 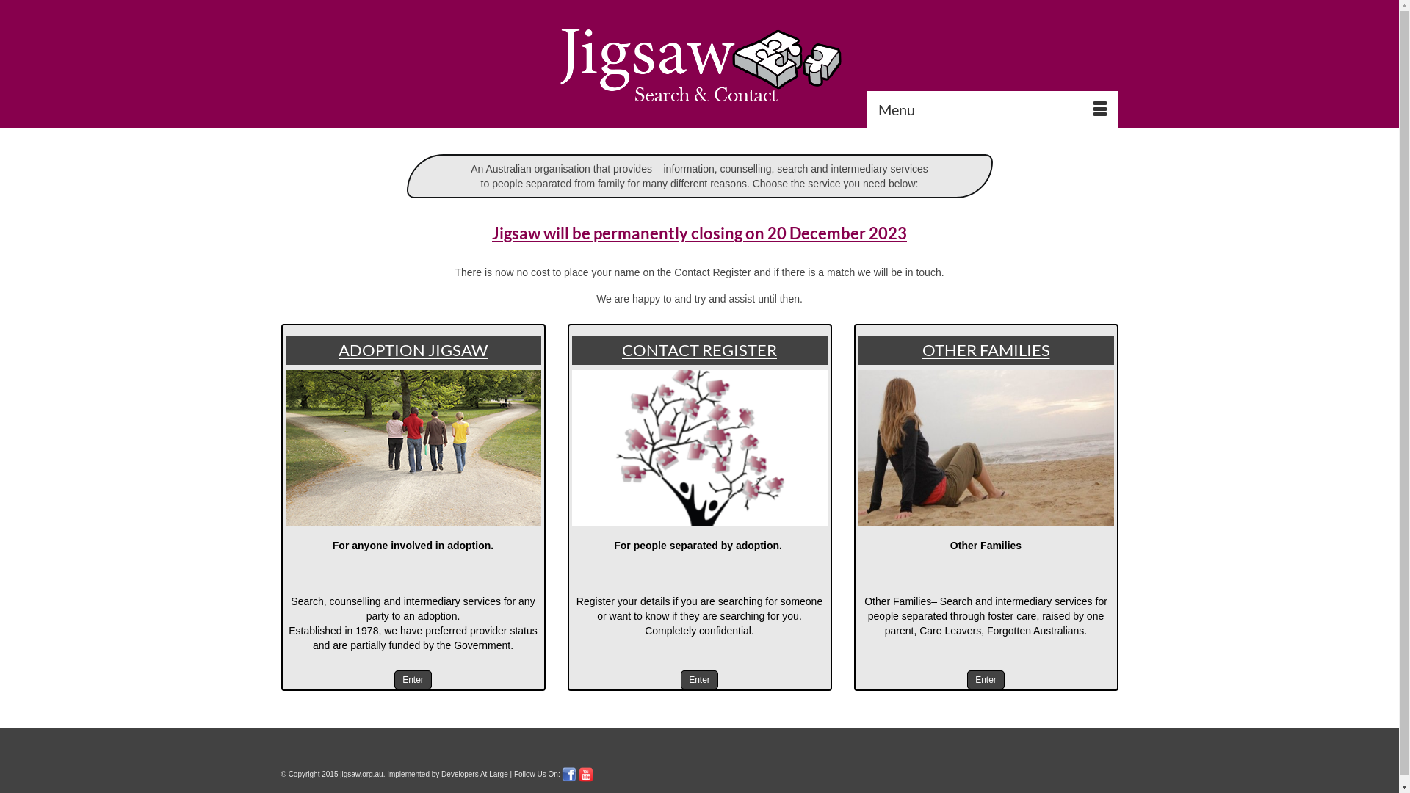 What do you see at coordinates (585, 773) in the screenshot?
I see `'Youtube'` at bounding box center [585, 773].